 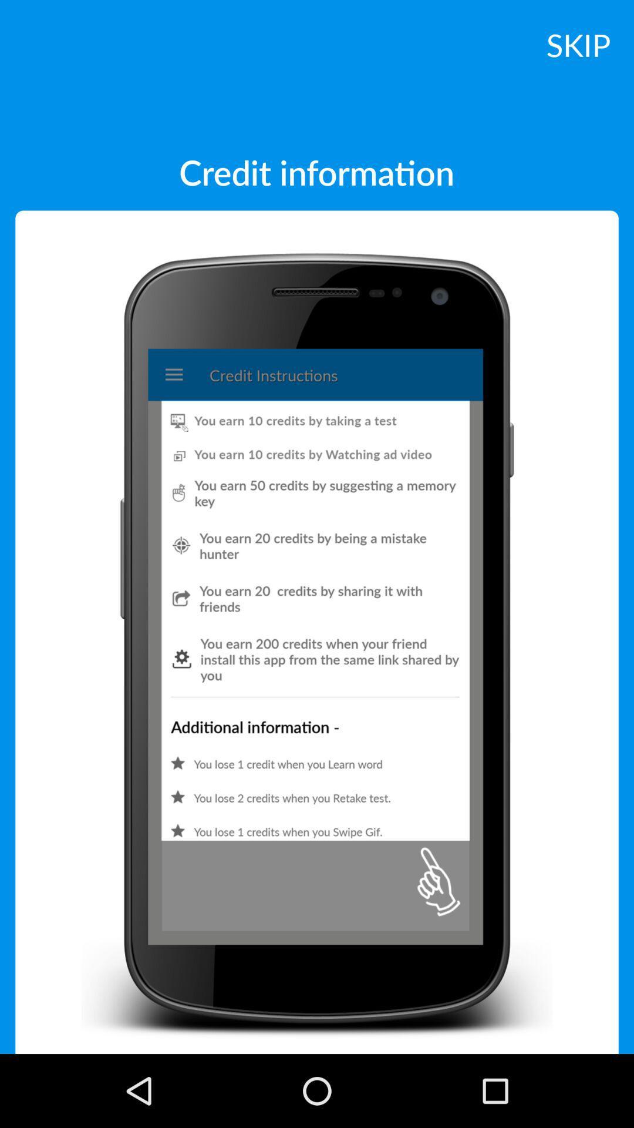 What do you see at coordinates (578, 44) in the screenshot?
I see `the skip` at bounding box center [578, 44].